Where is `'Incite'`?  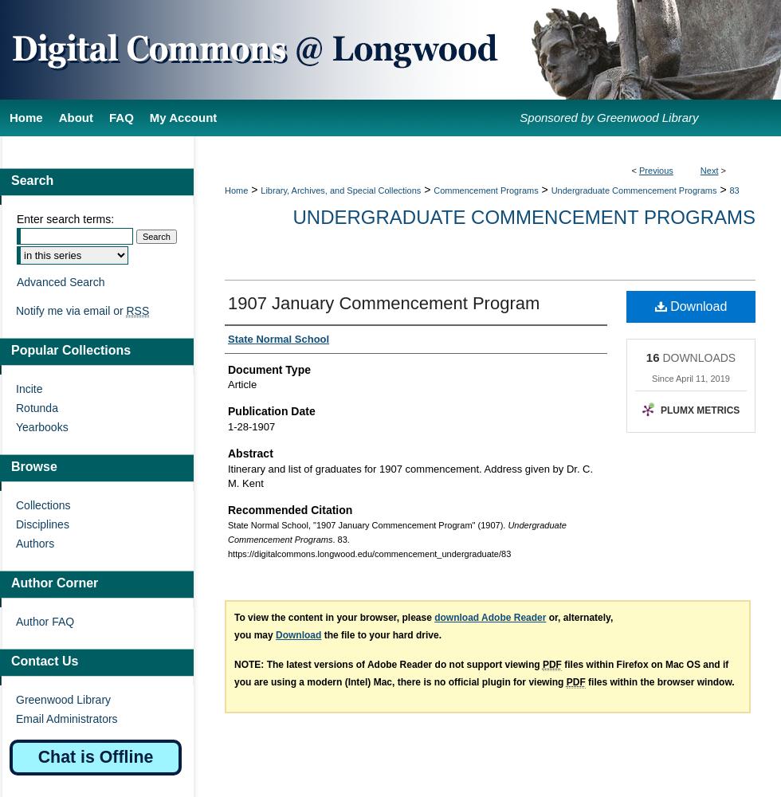
'Incite' is located at coordinates (29, 388).